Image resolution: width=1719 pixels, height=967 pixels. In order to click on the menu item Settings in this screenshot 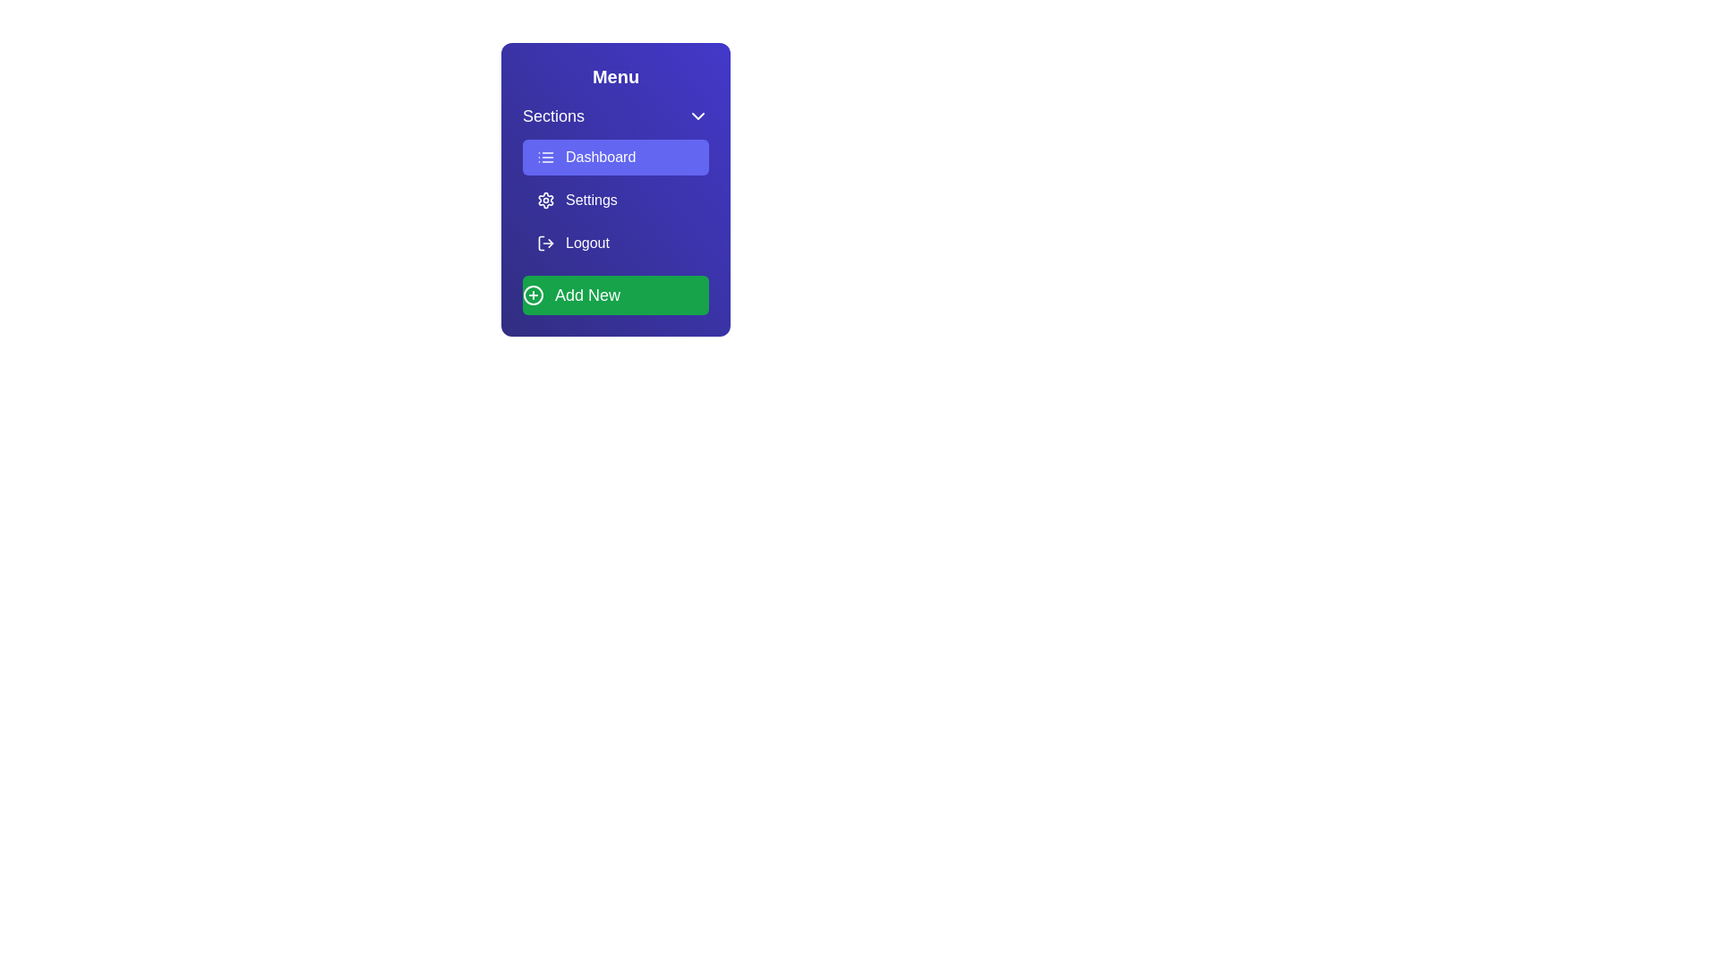, I will do `click(615, 200)`.